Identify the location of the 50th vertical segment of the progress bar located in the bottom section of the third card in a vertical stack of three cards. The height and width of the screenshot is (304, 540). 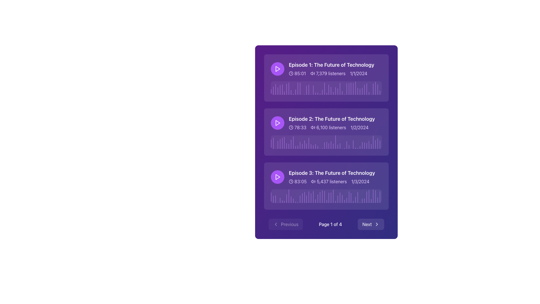
(375, 196).